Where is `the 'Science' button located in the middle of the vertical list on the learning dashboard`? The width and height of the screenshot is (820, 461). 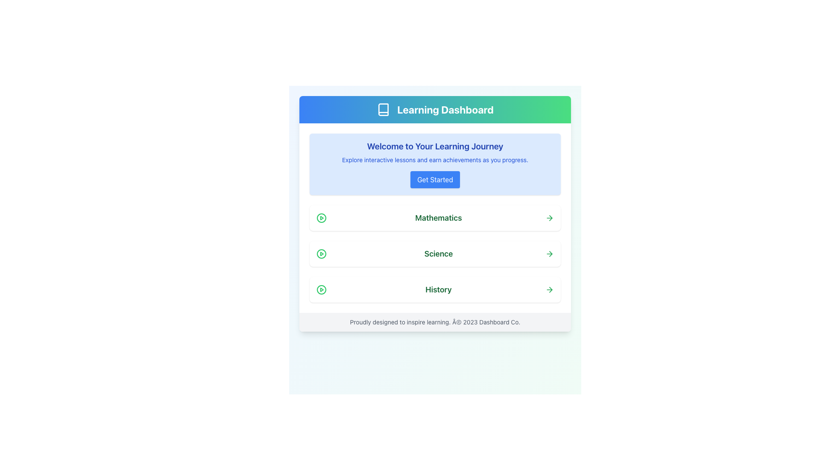
the 'Science' button located in the middle of the vertical list on the learning dashboard is located at coordinates (435, 253).